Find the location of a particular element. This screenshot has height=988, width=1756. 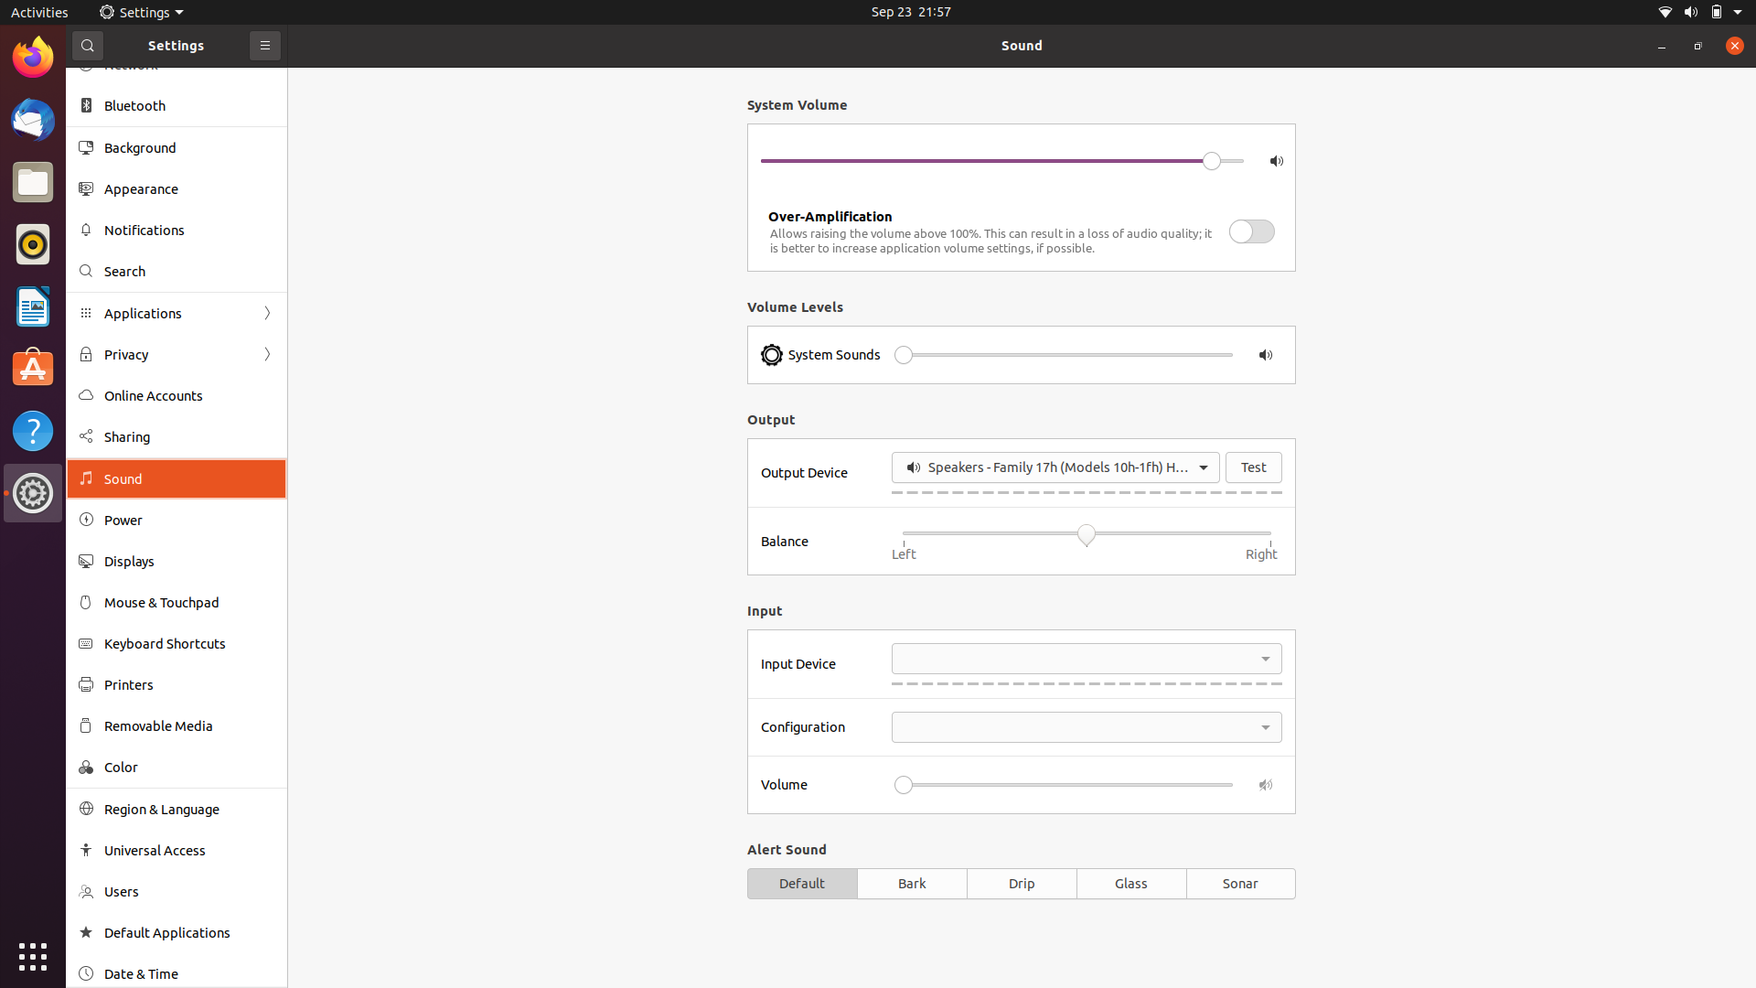

Adjust sound to high is located at coordinates (1197, 355).